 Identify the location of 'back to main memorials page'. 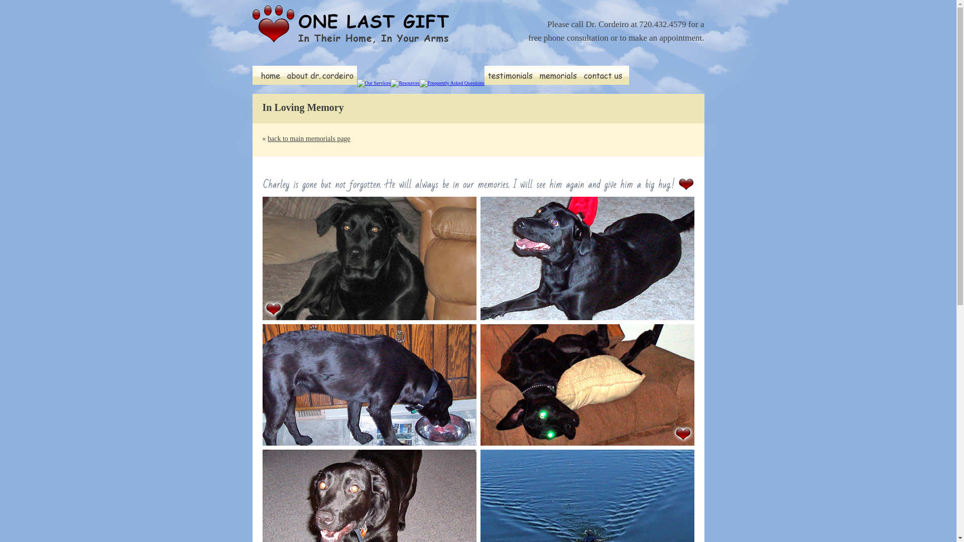
(308, 139).